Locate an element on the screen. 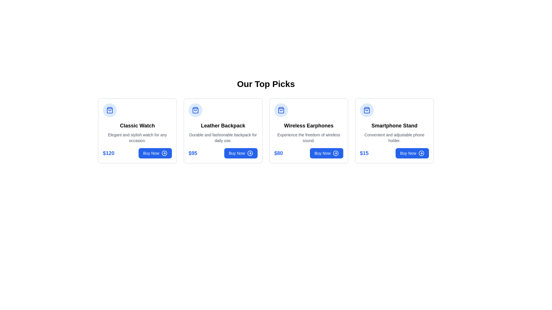 Image resolution: width=552 pixels, height=310 pixels. the 'Purchase Smartphone Stand' button located at the bottom right of the product card to observe the hover effect is located at coordinates (412, 153).